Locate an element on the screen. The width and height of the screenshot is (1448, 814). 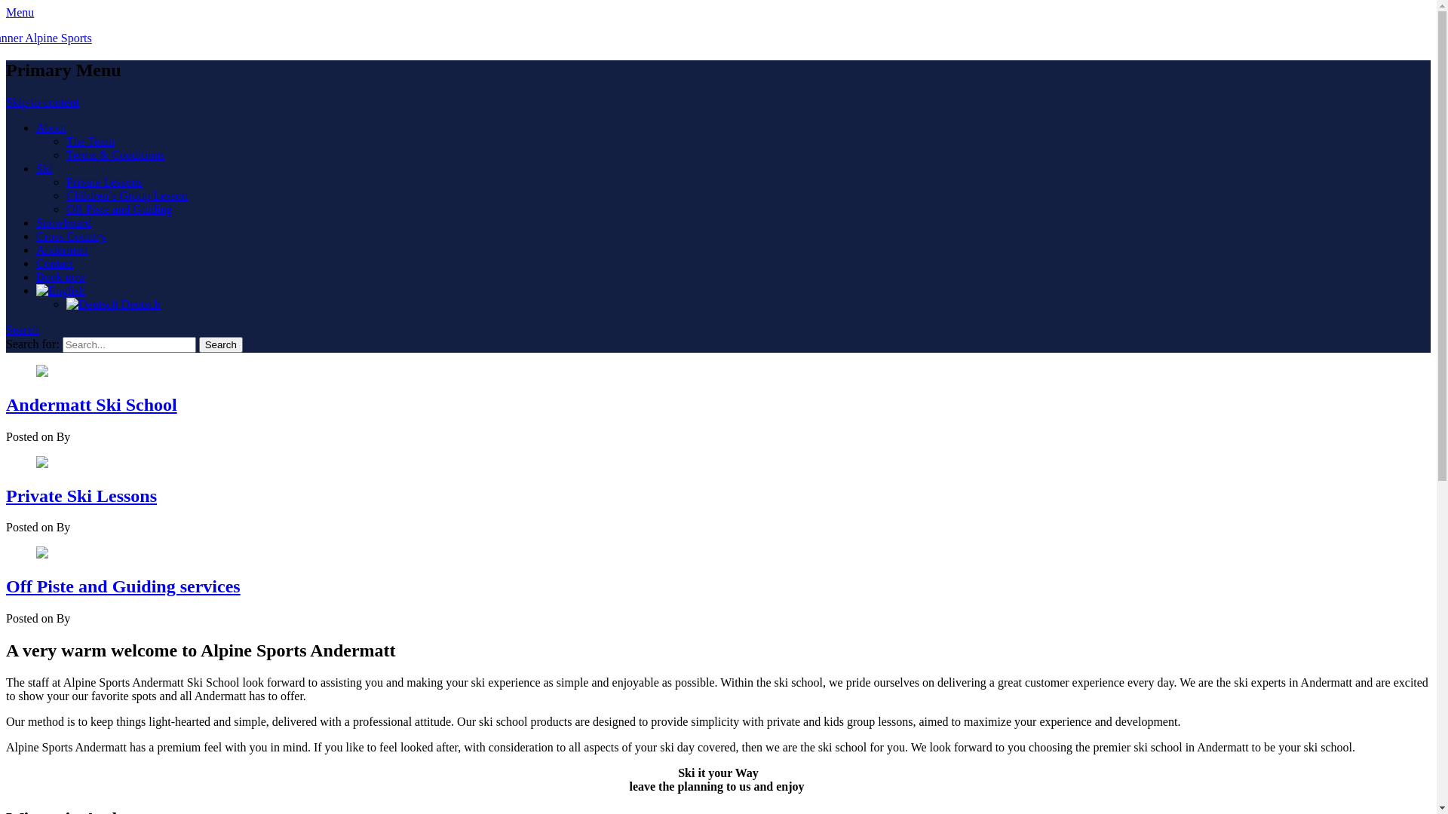
'Ski' is located at coordinates (36, 168).